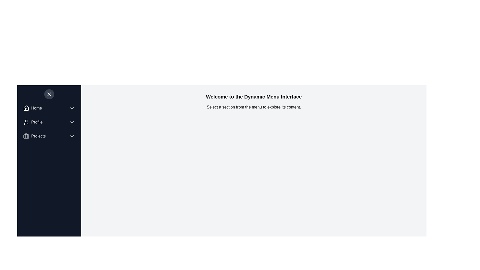 The width and height of the screenshot is (480, 270). Describe the element at coordinates (34, 136) in the screenshot. I see `the navigation menu item labeled 'Projects', which consists of a briefcase icon and text` at that location.